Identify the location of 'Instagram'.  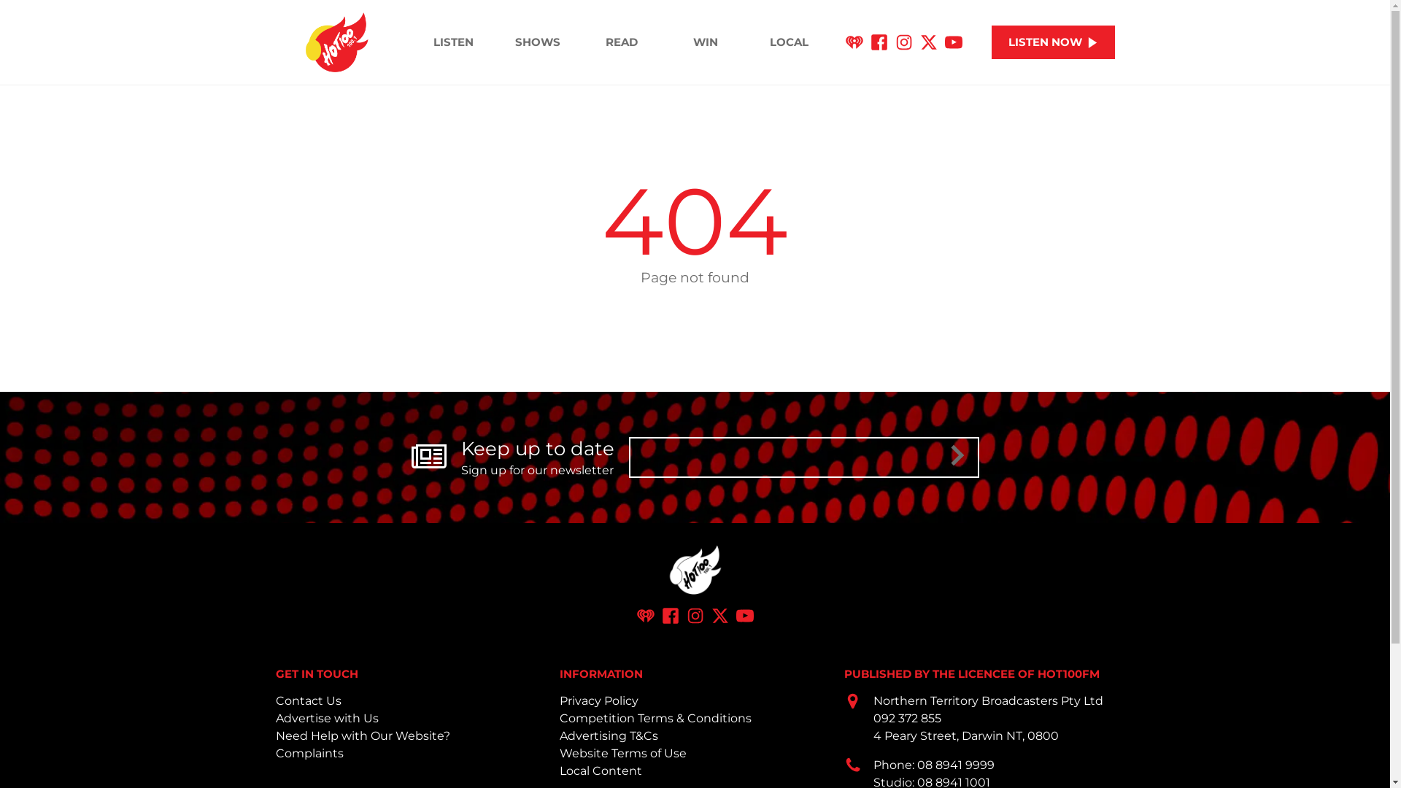
(685, 615).